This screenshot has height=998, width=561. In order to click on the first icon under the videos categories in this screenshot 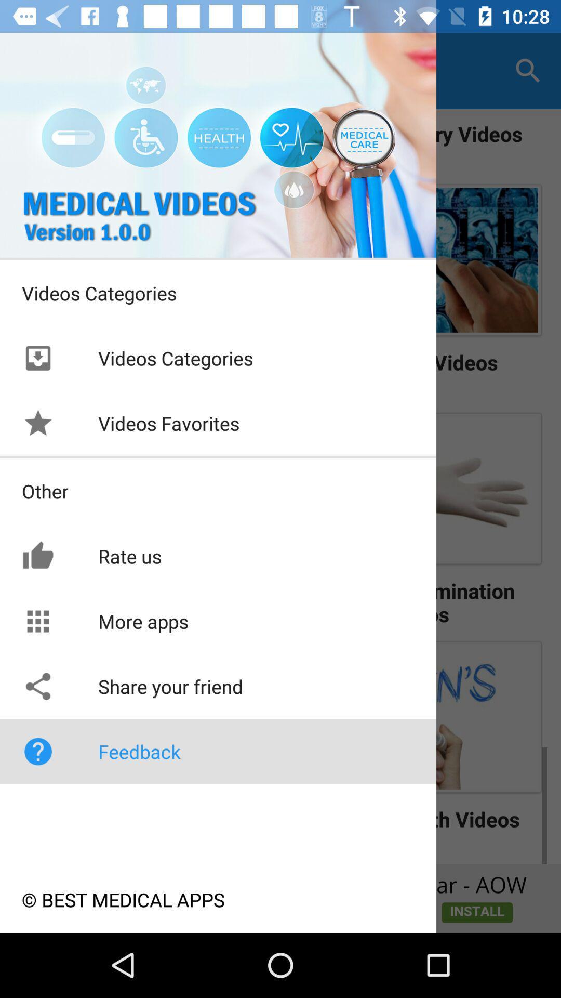, I will do `click(37, 358)`.